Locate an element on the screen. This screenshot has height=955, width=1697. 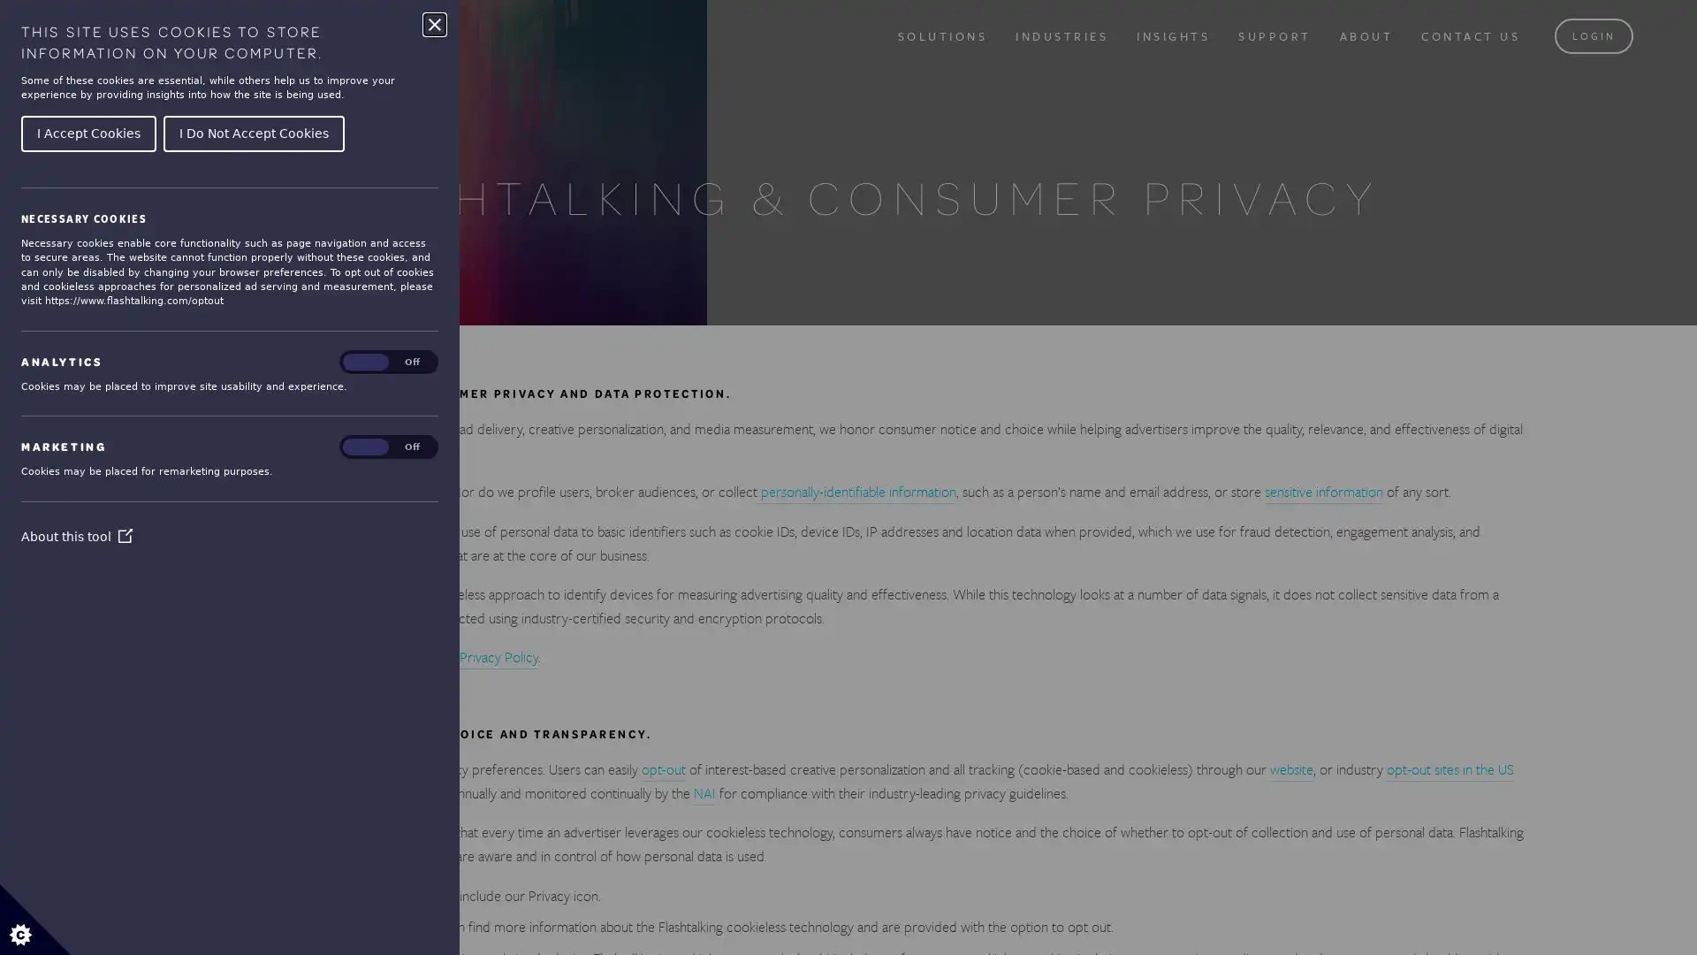
Close Cookie Control is located at coordinates (434, 24).